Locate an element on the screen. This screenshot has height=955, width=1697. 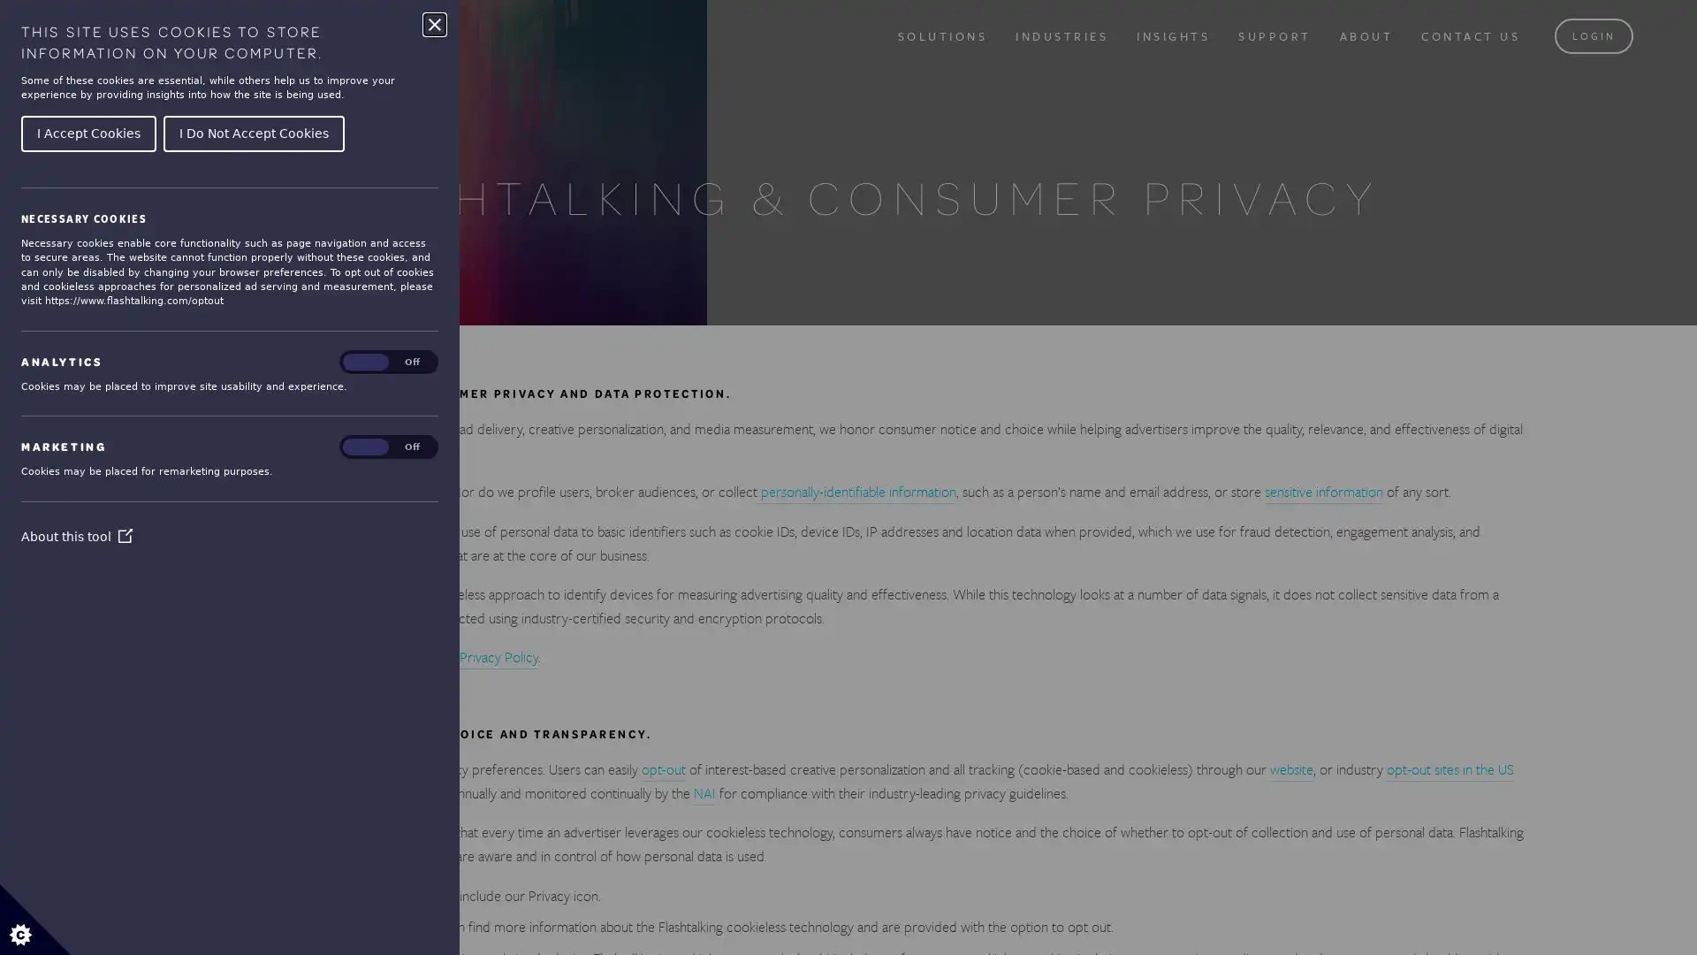
Close Cookie Control is located at coordinates (434, 24).